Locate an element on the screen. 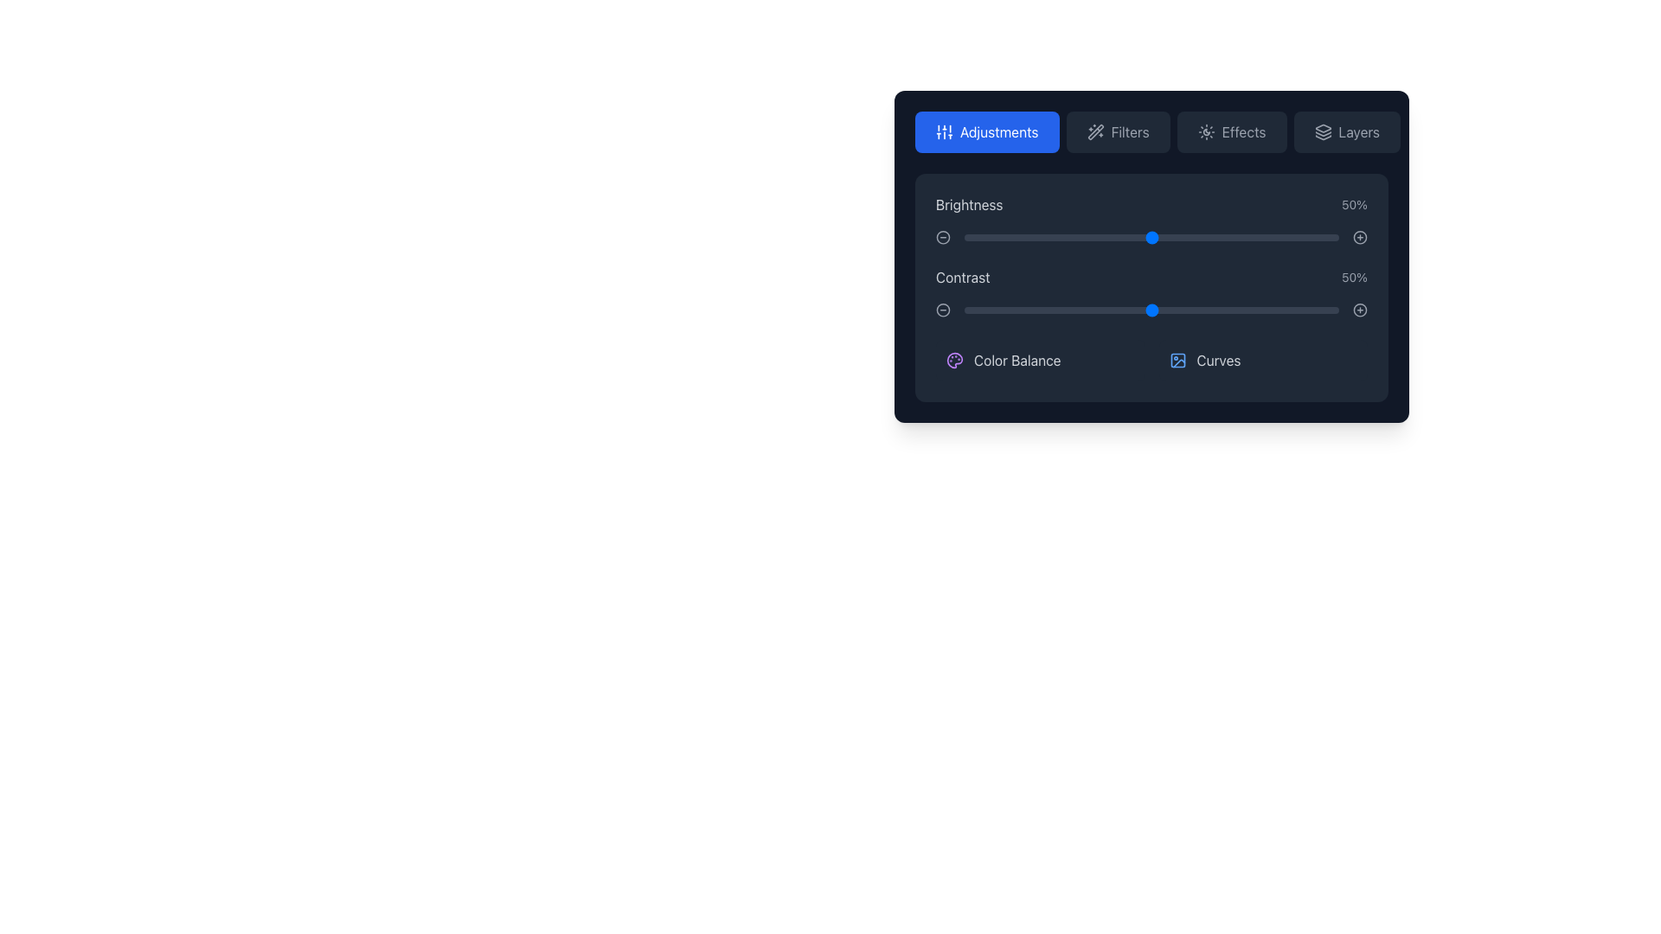 Image resolution: width=1661 pixels, height=934 pixels. the small purple palette icon with a circular outline located adjacent to the 'Color Balance' text label in the 'Adjustments' panel is located at coordinates (954, 359).